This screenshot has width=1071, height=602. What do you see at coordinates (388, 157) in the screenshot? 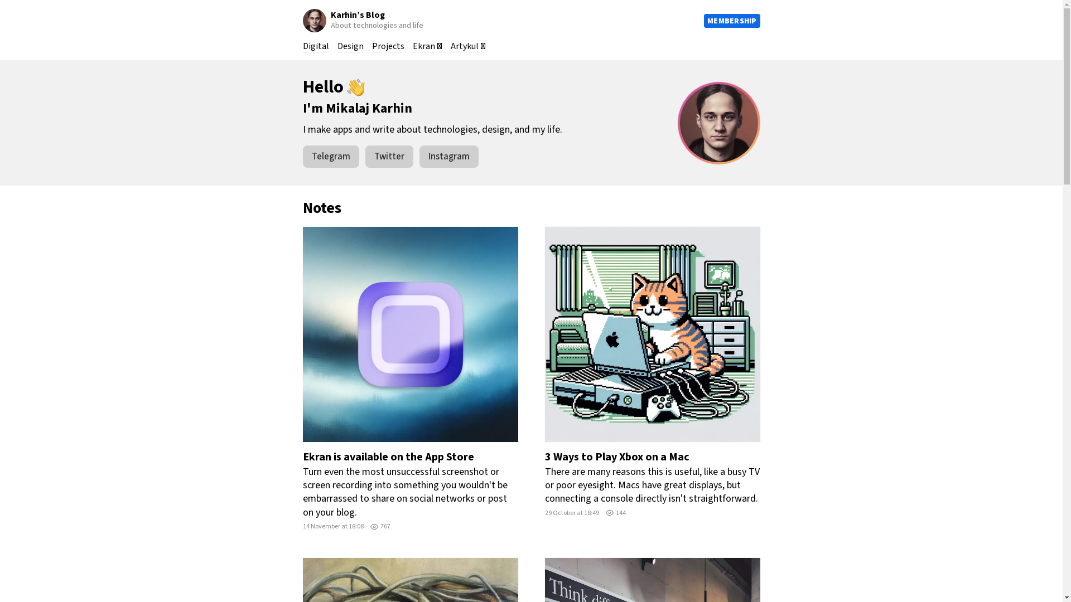
I see `'Twitter'` at bounding box center [388, 157].